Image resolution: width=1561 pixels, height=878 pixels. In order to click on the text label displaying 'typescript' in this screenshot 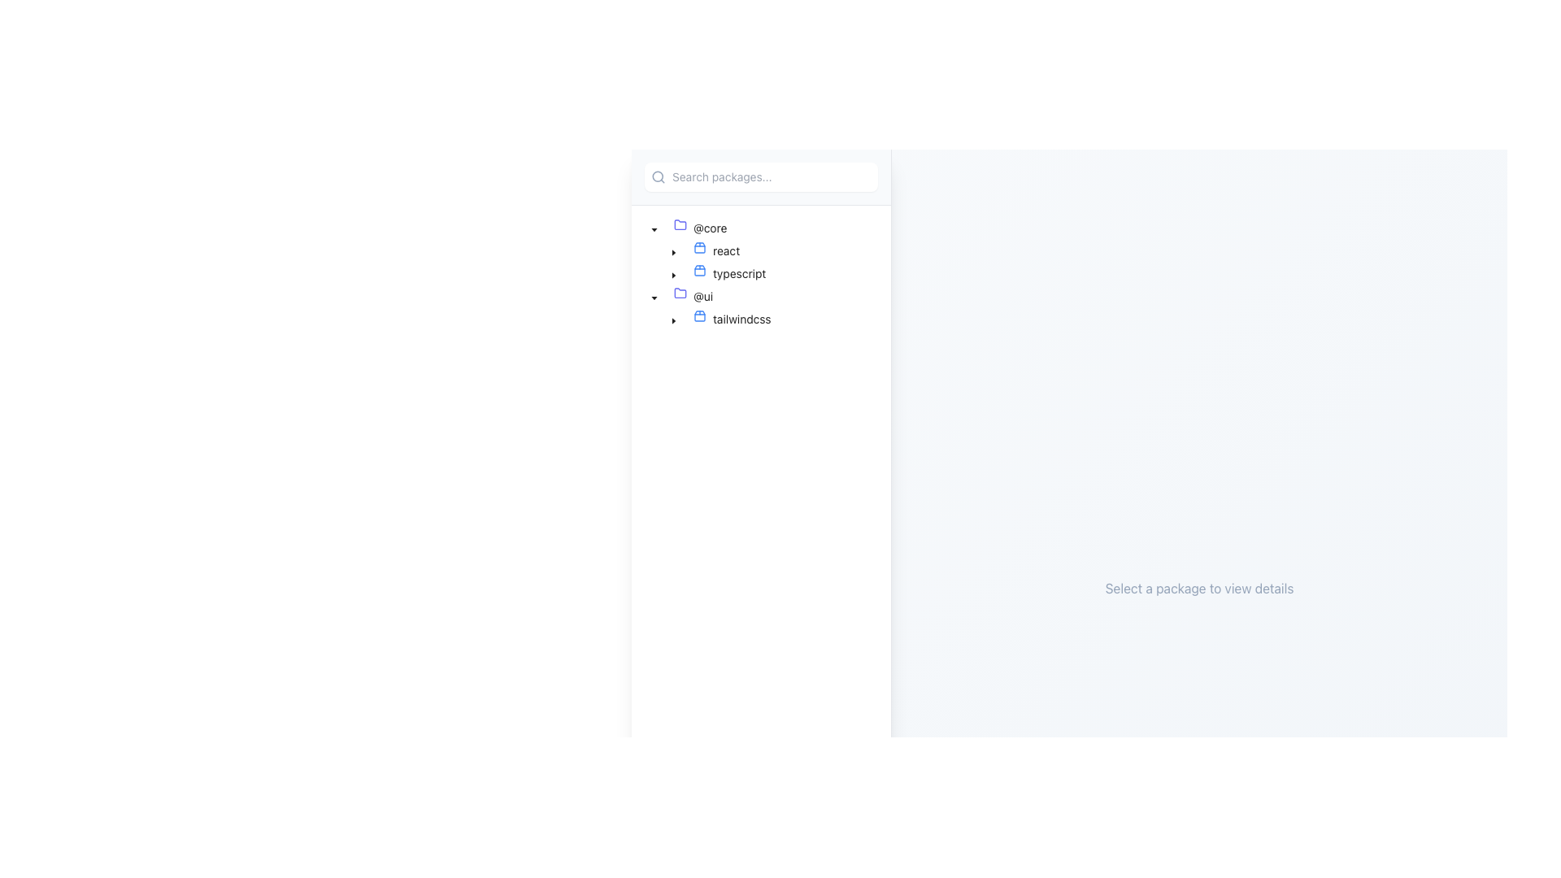, I will do `click(738, 272)`.